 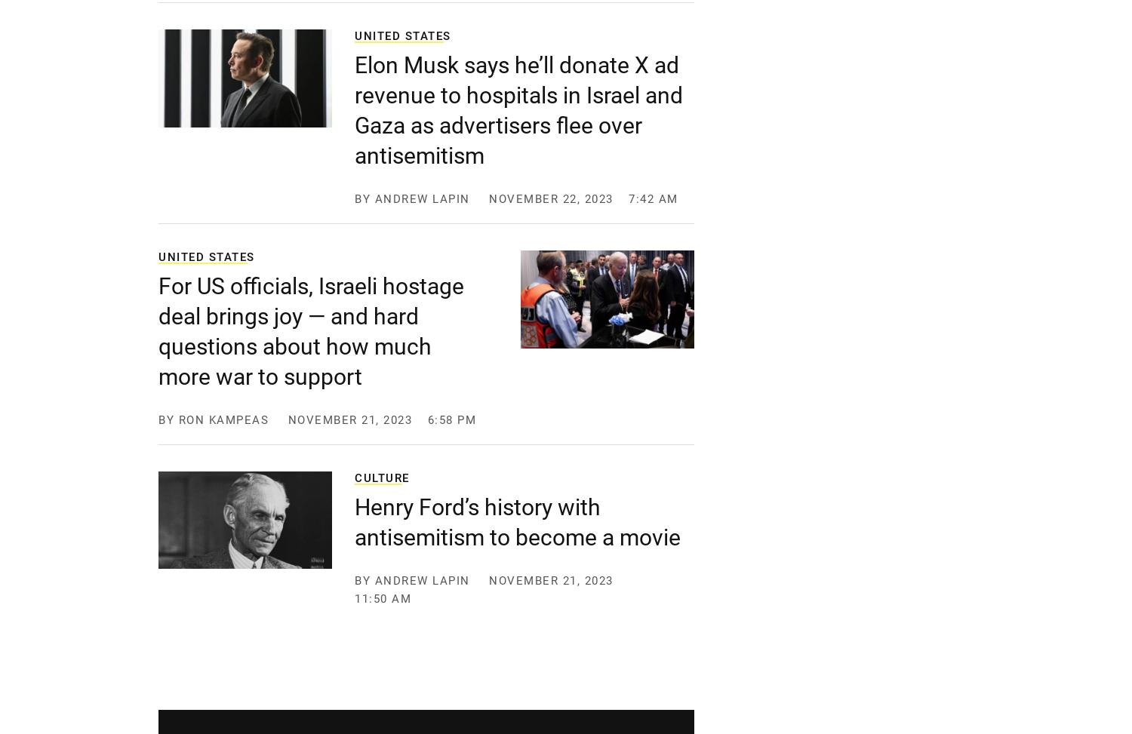 I want to click on 'November 22, 2023', so click(x=550, y=198).